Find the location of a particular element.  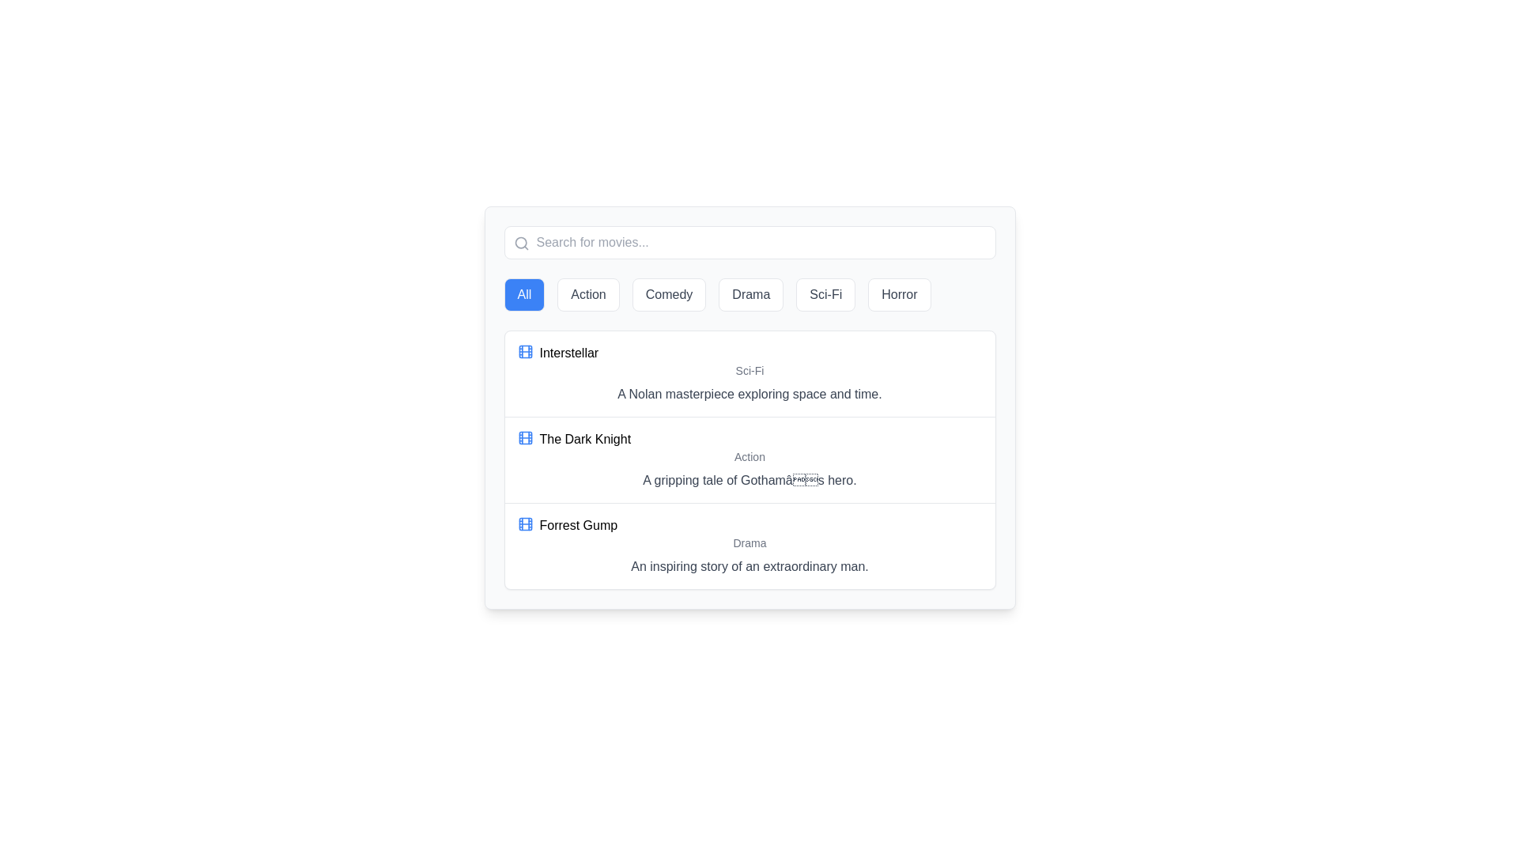

the text label displaying the movie title 'The Dark Knight', which is the second item in a vertical list of movie titles, located to the right of a blue film roll icon is located at coordinates (584, 439).